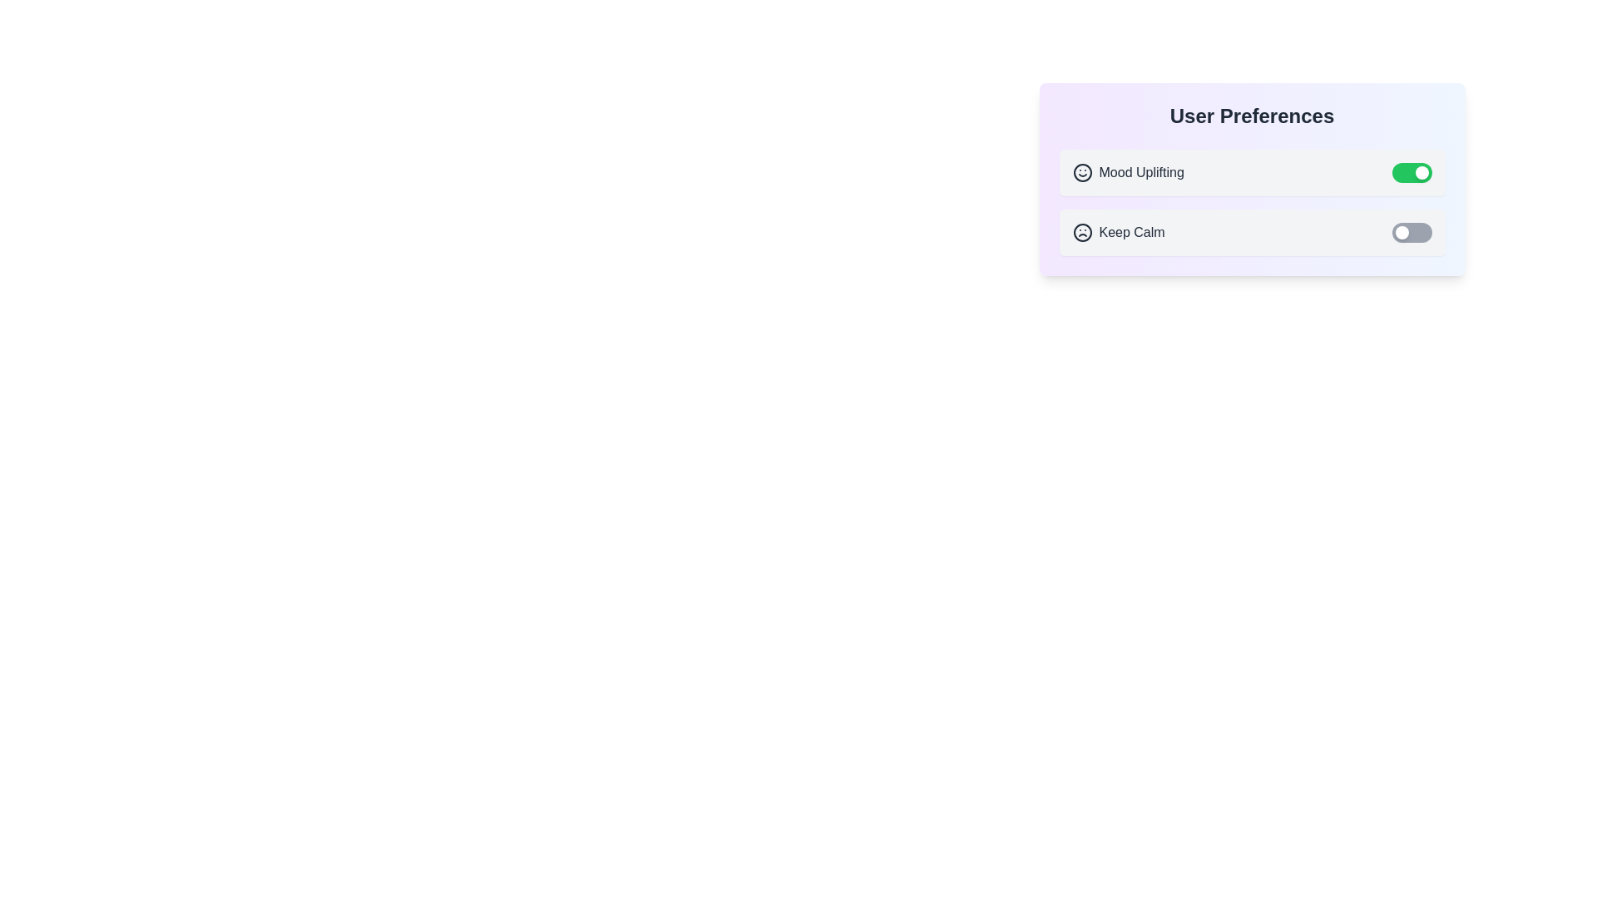 The width and height of the screenshot is (1597, 898). I want to click on the circular graphic that is part of the frowning face icon, located to the left of the 'Keep Calm' text in the User Preferences section, so click(1082, 233).